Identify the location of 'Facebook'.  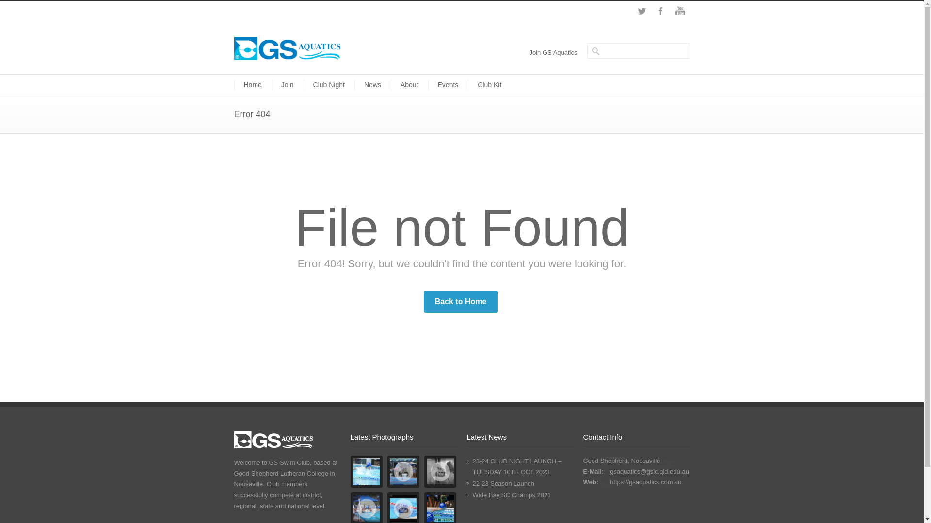
(660, 11).